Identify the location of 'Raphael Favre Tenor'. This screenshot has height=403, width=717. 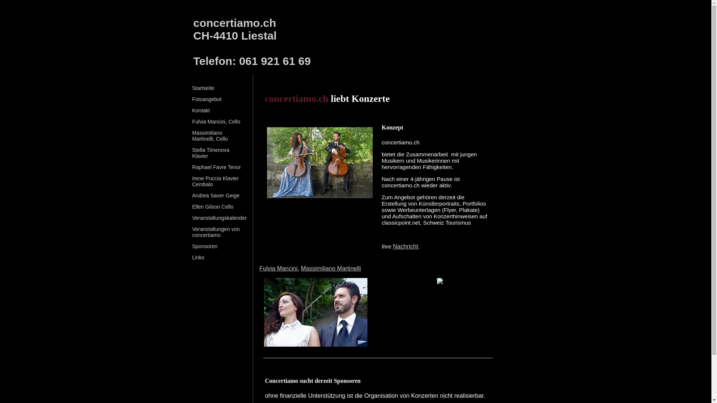
(216, 170).